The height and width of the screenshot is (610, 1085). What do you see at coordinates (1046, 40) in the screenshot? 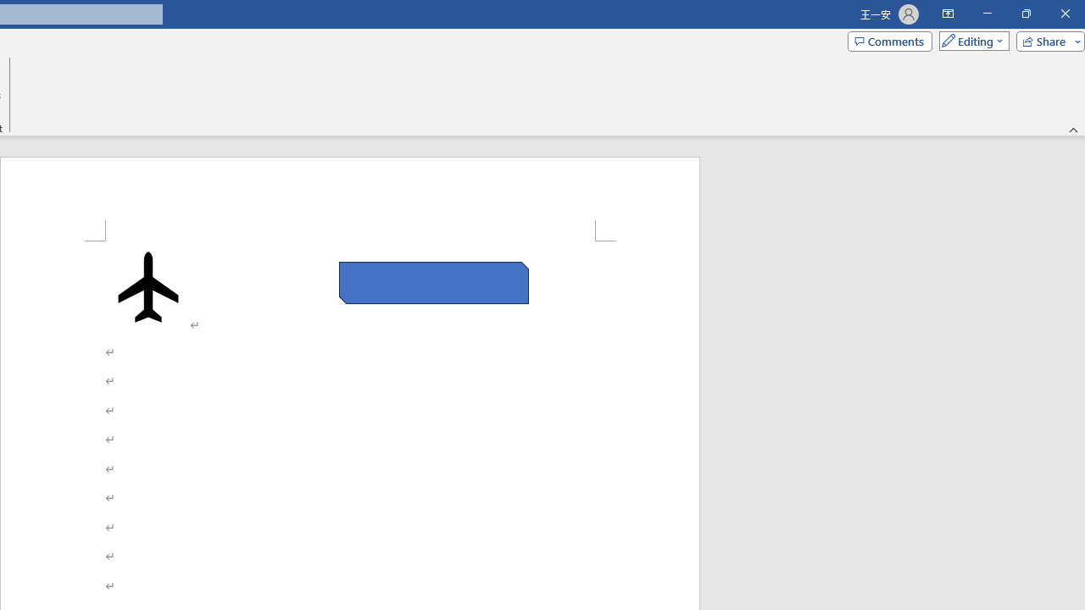
I see `'Share'` at bounding box center [1046, 40].